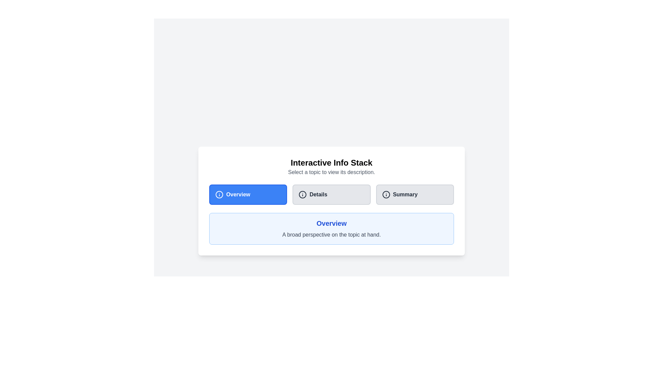 The image size is (650, 365). What do you see at coordinates (219, 194) in the screenshot?
I see `the informational icon located at the leftmost position of the 'Overview' button` at bounding box center [219, 194].